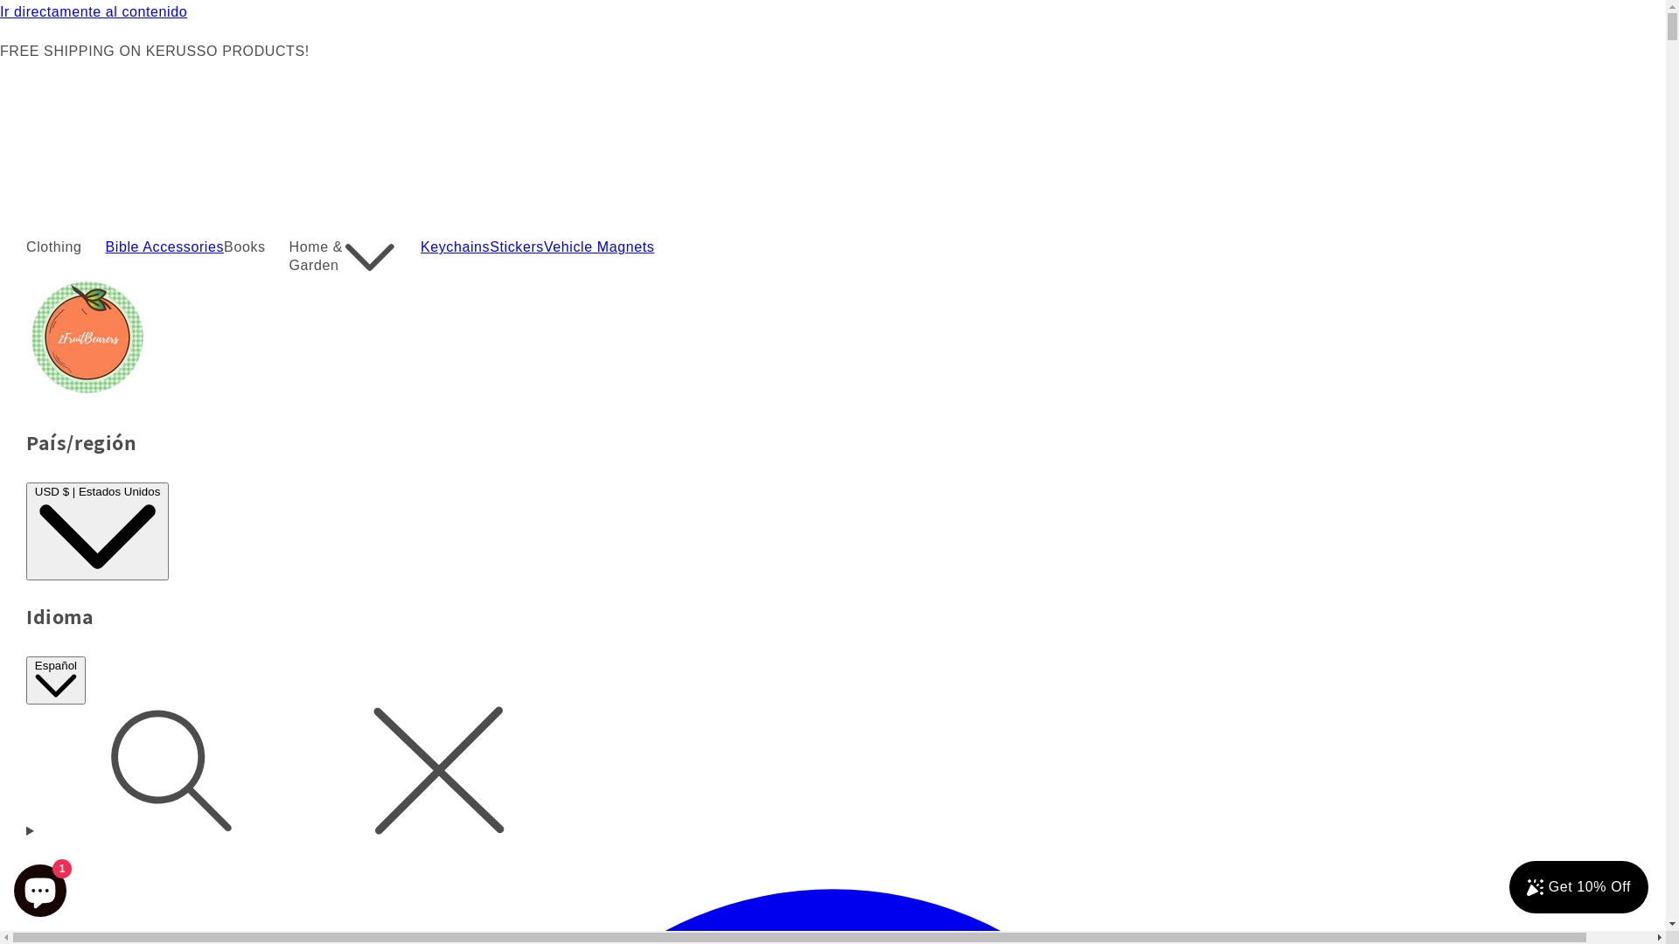 The image size is (1679, 944). Describe the element at coordinates (599, 247) in the screenshot. I see `'Vehicle Magnets'` at that location.